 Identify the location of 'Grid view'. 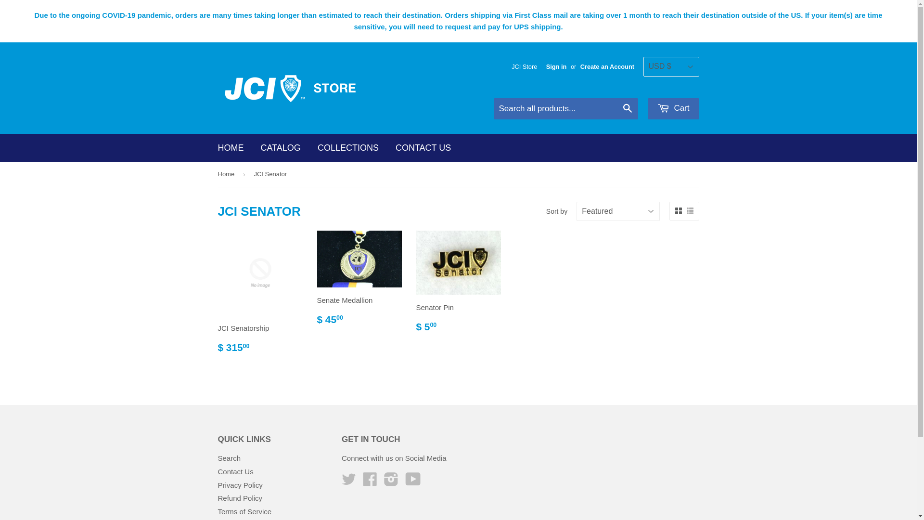
(678, 210).